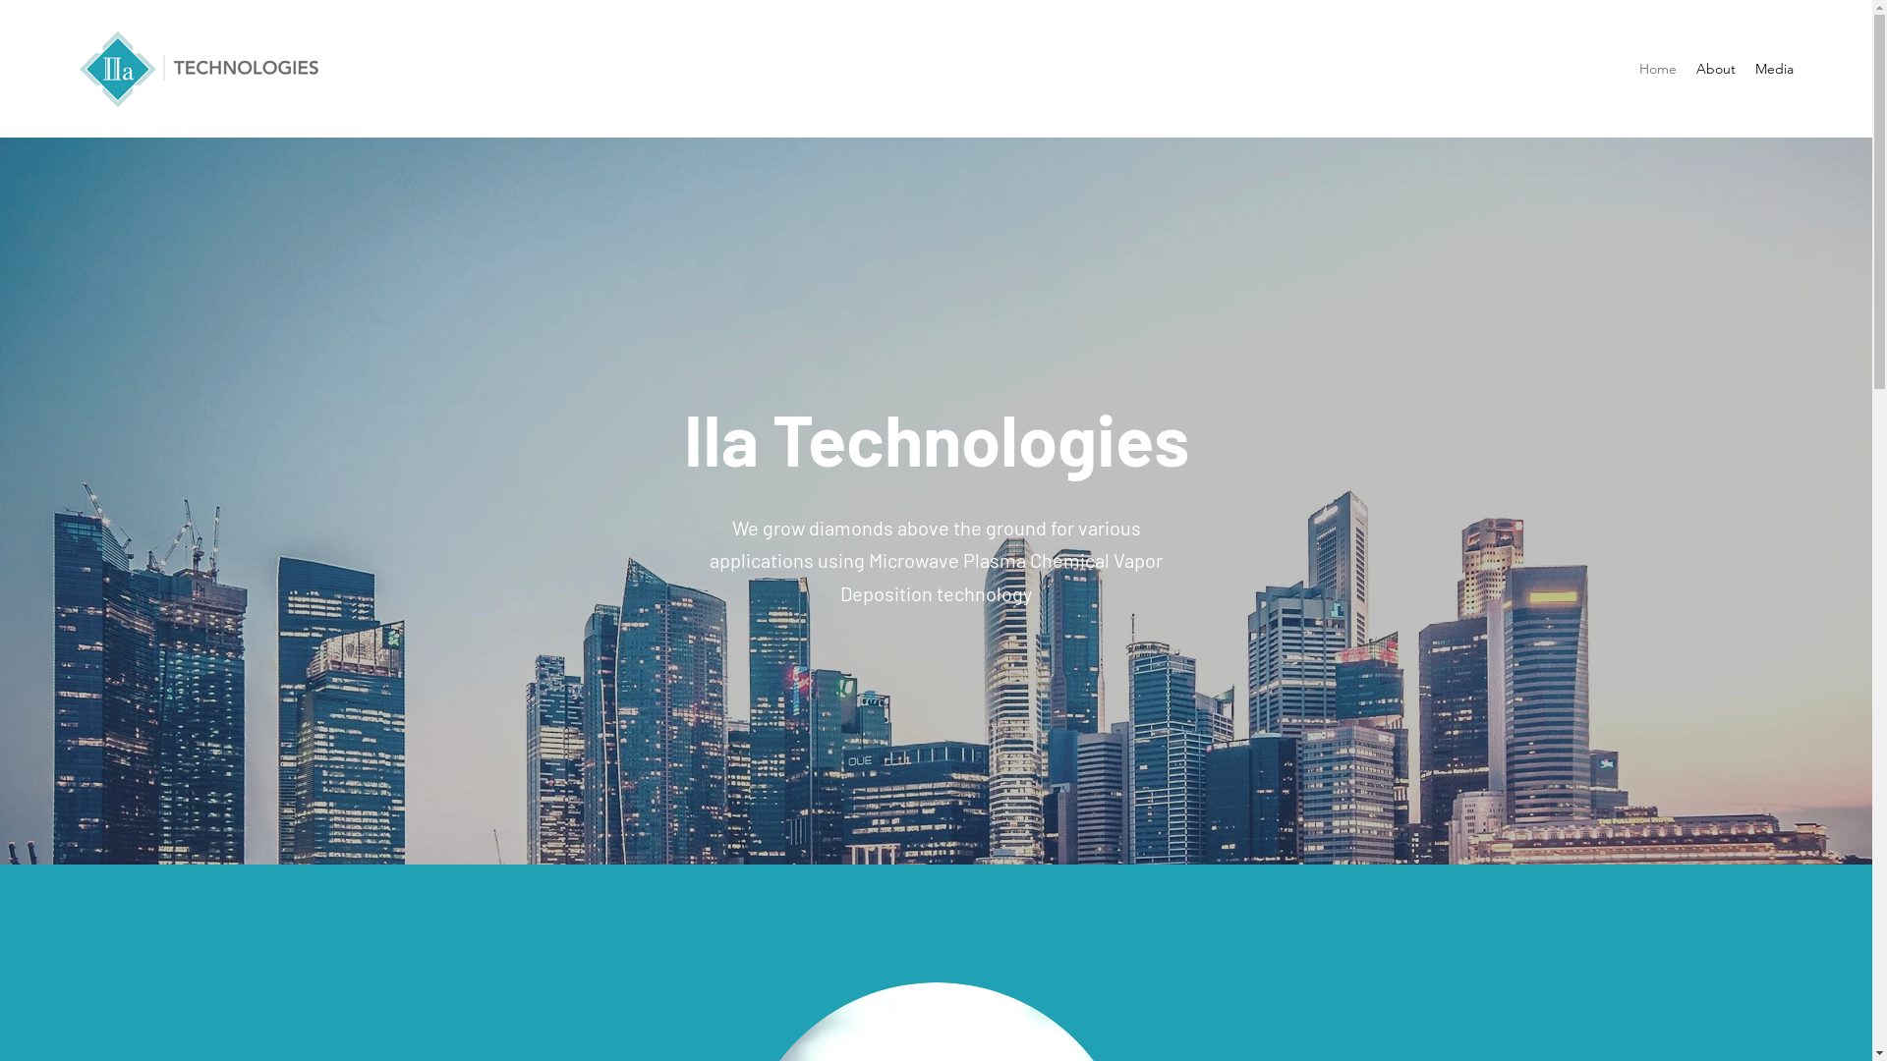  Describe the element at coordinates (1686, 67) in the screenshot. I see `'About'` at that location.